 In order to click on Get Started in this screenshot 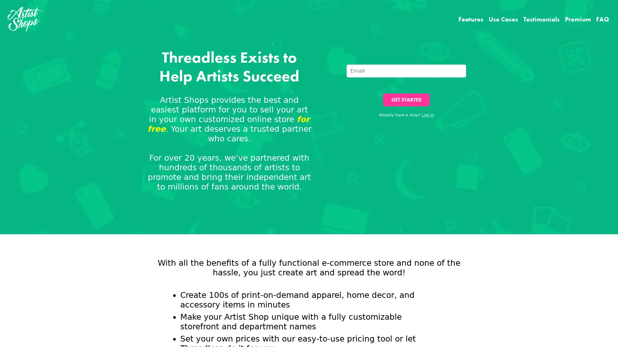, I will do `click(406, 100)`.